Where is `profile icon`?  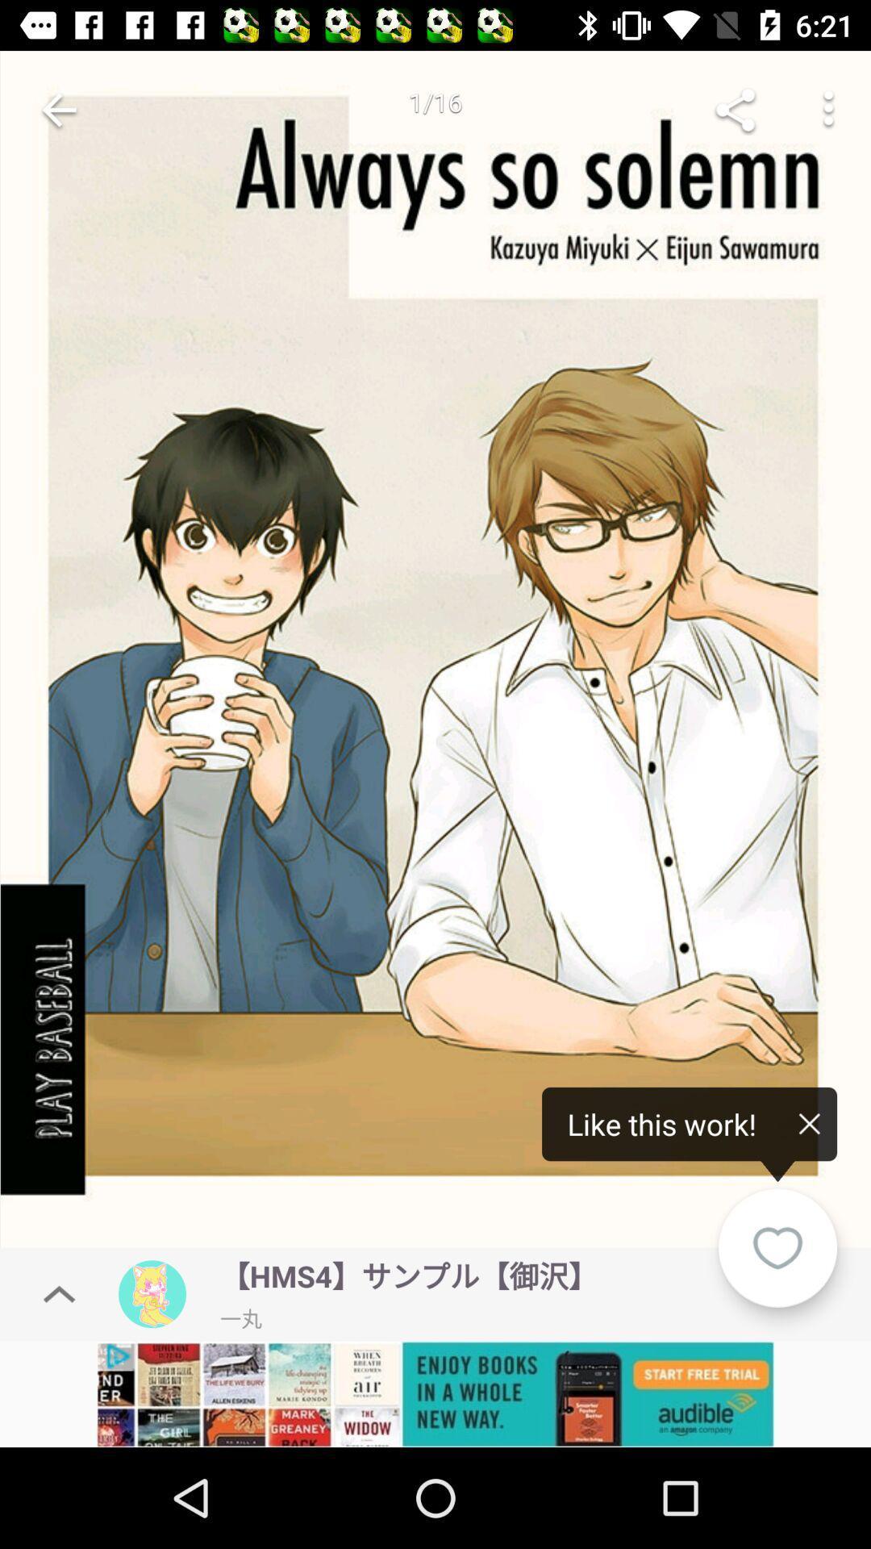
profile icon is located at coordinates (152, 1294).